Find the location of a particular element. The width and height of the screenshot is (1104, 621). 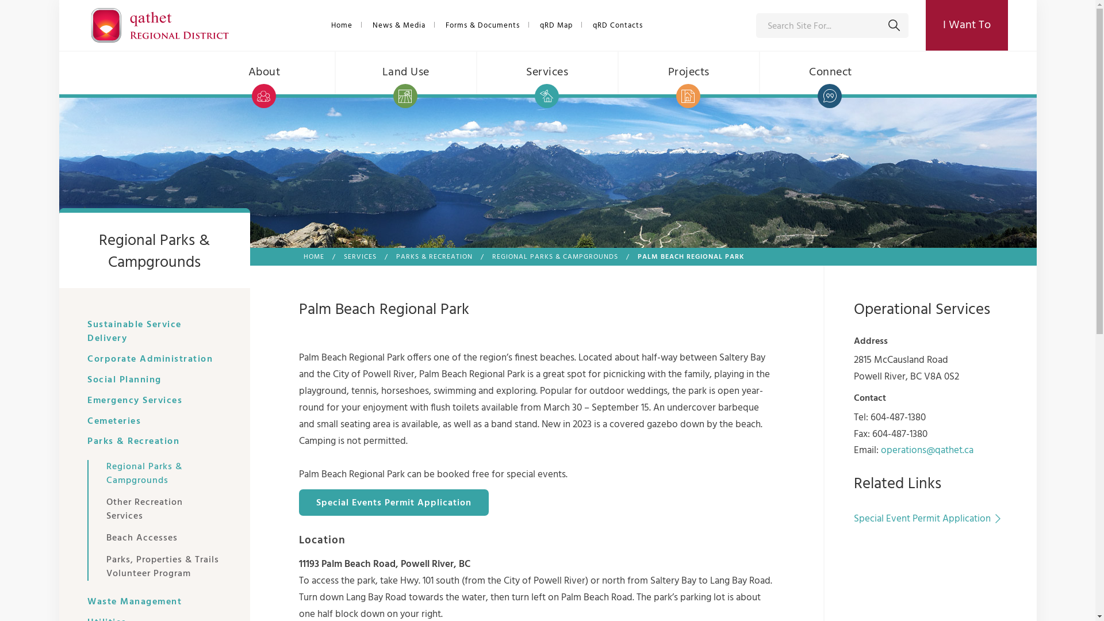

'About' is located at coordinates (264, 73).